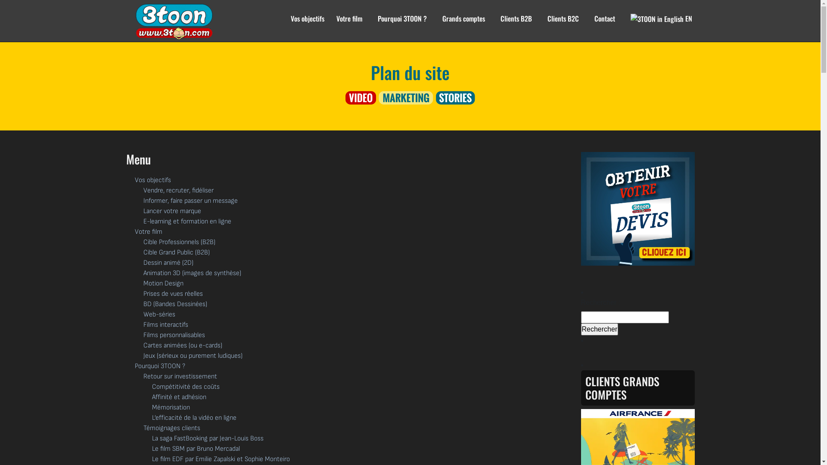 The height and width of the screenshot is (465, 827). What do you see at coordinates (143, 221) in the screenshot?
I see `'E-learning et formation en ligne'` at bounding box center [143, 221].